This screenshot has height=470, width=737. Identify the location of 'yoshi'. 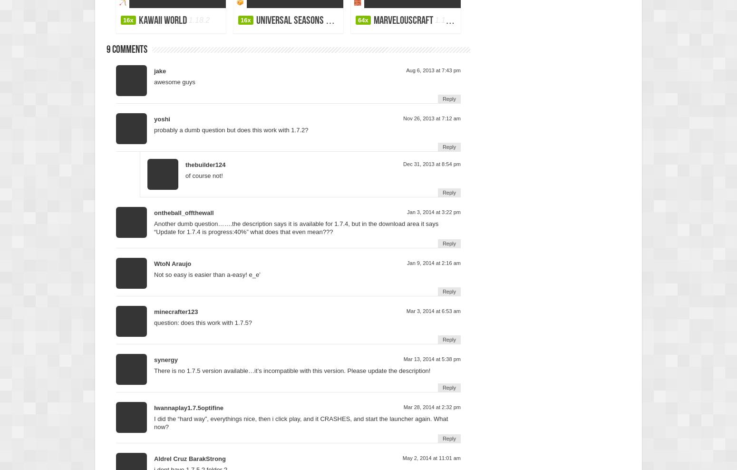
(161, 118).